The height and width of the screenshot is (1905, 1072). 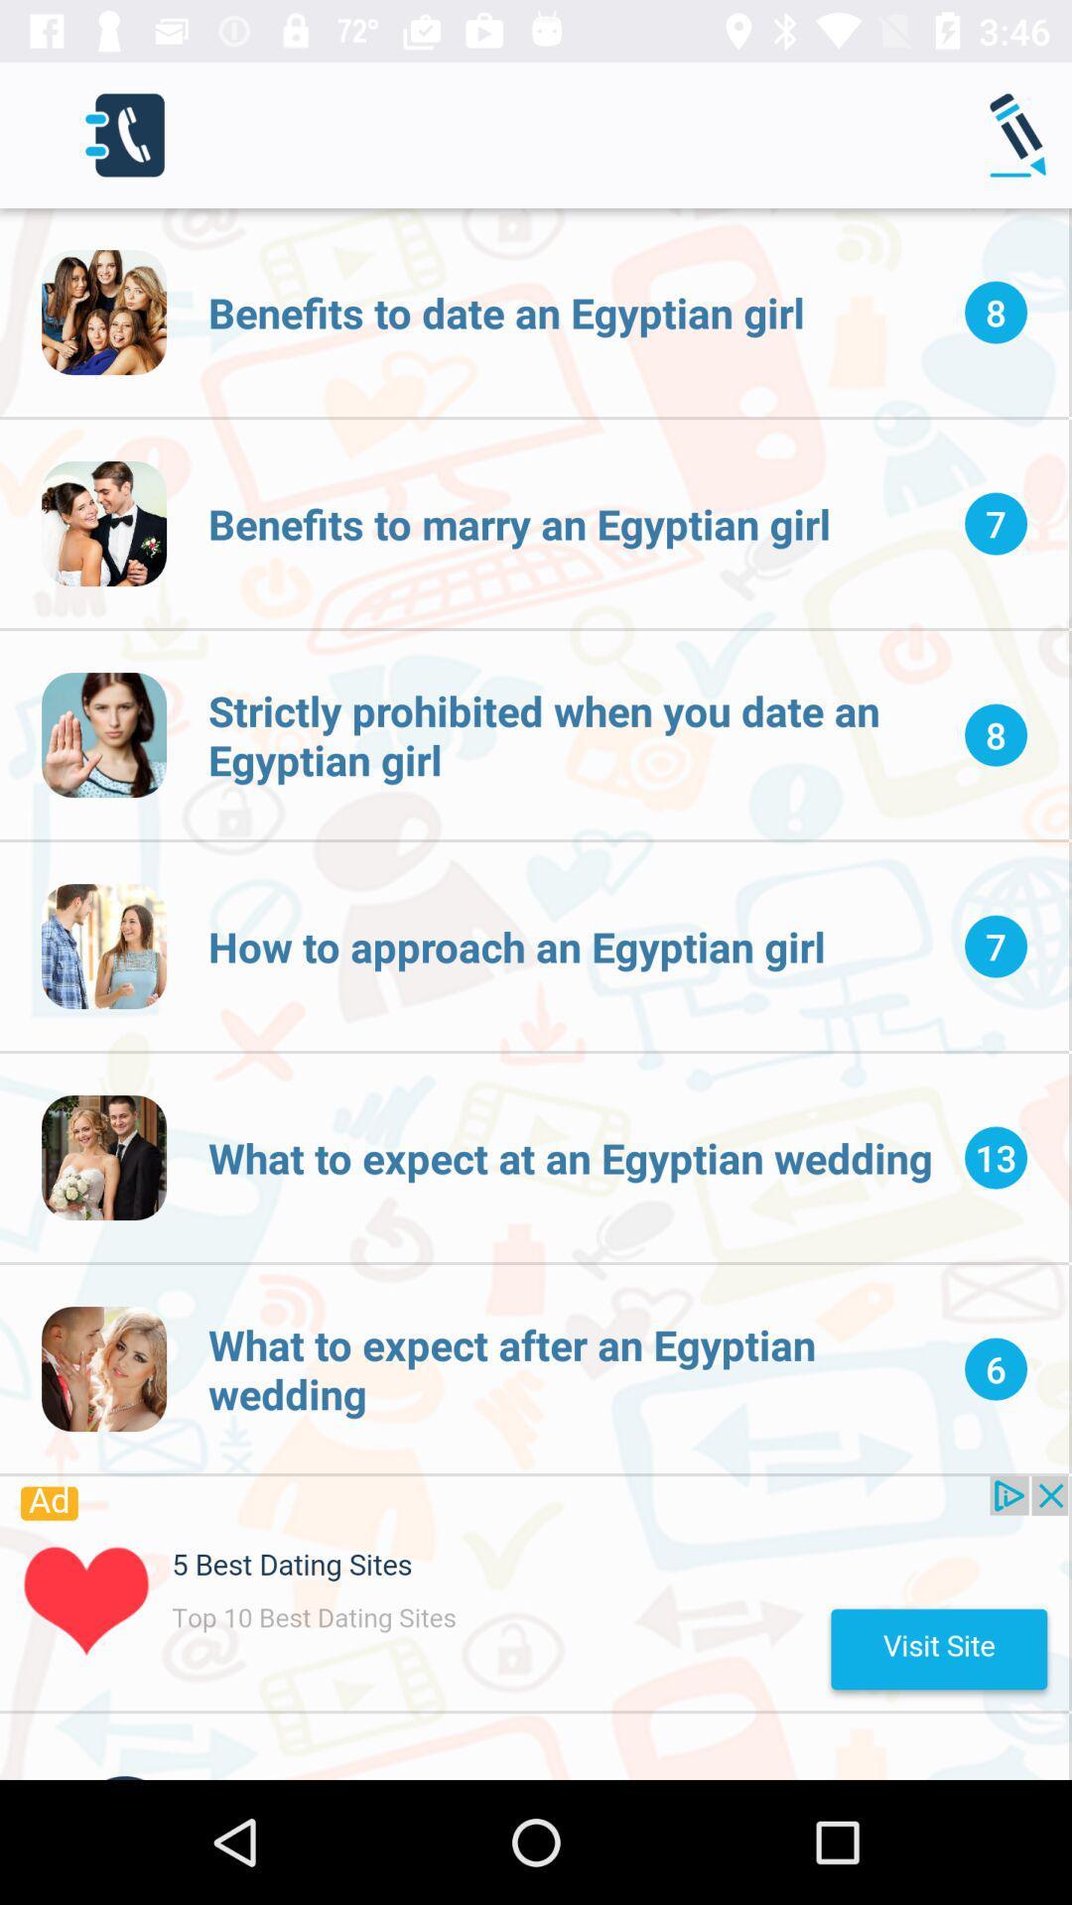 What do you see at coordinates (533, 1593) in the screenshot?
I see `site` at bounding box center [533, 1593].